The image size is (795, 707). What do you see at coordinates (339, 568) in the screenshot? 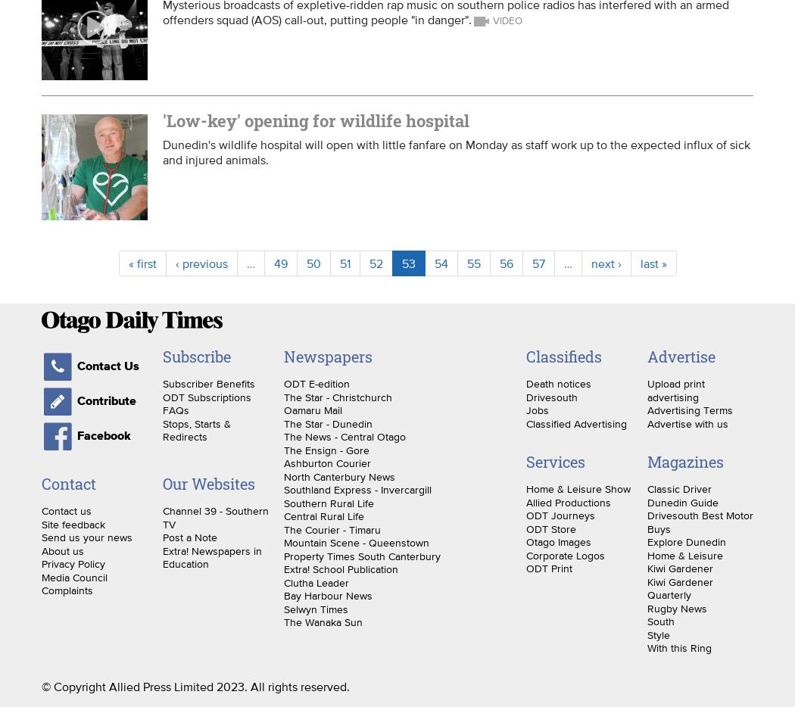
I see `'Extra! School Publication'` at bounding box center [339, 568].